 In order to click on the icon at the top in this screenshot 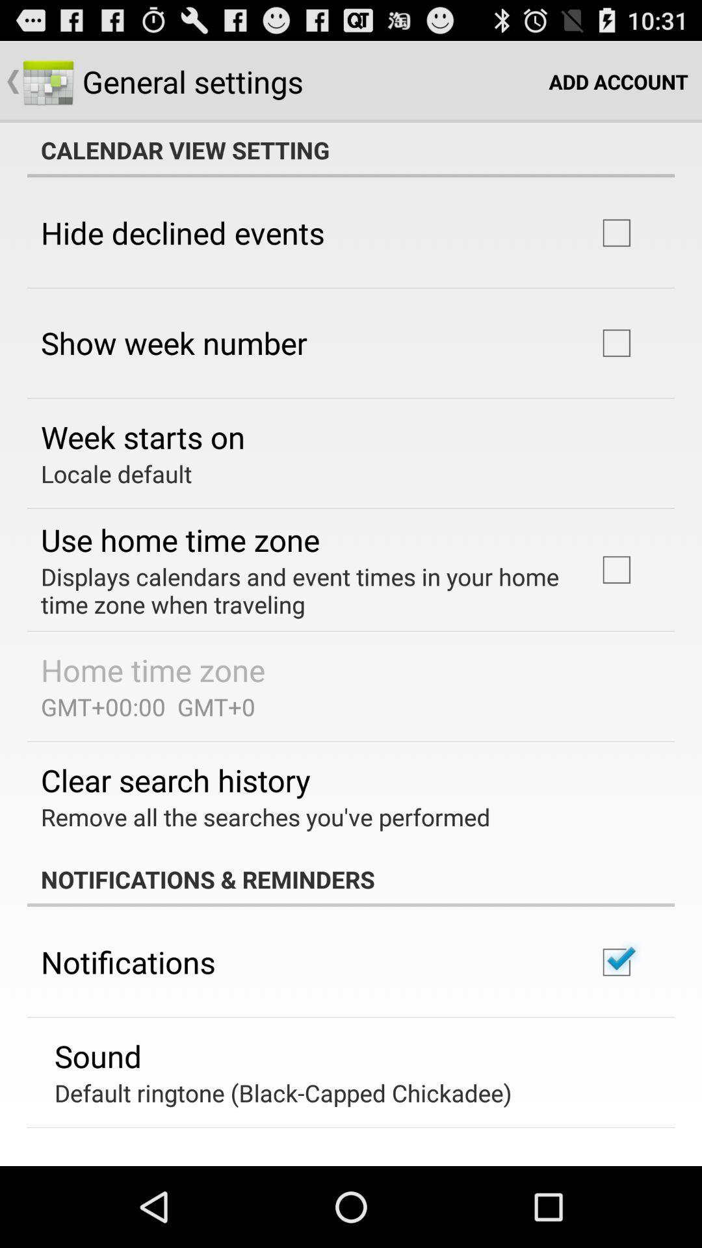, I will do `click(351, 149)`.